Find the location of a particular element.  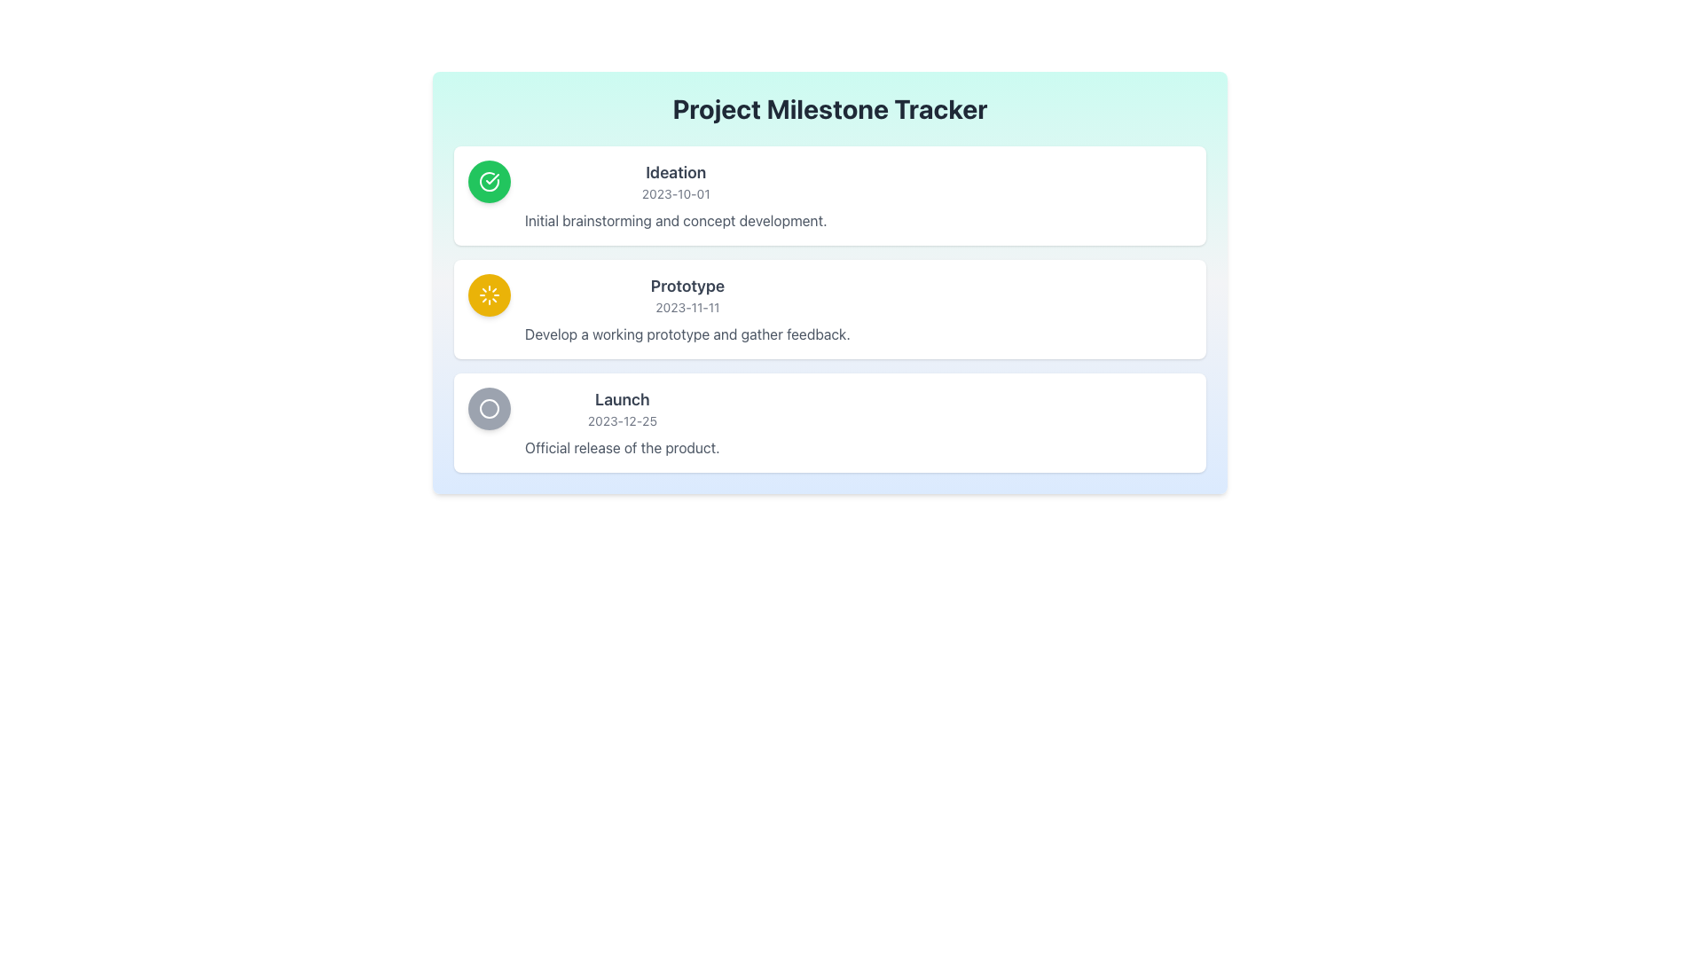

the text label that describes the 'Ideation' phase within the milestone tracker, which is positioned below the date '2023-10-01' is located at coordinates (675, 220).